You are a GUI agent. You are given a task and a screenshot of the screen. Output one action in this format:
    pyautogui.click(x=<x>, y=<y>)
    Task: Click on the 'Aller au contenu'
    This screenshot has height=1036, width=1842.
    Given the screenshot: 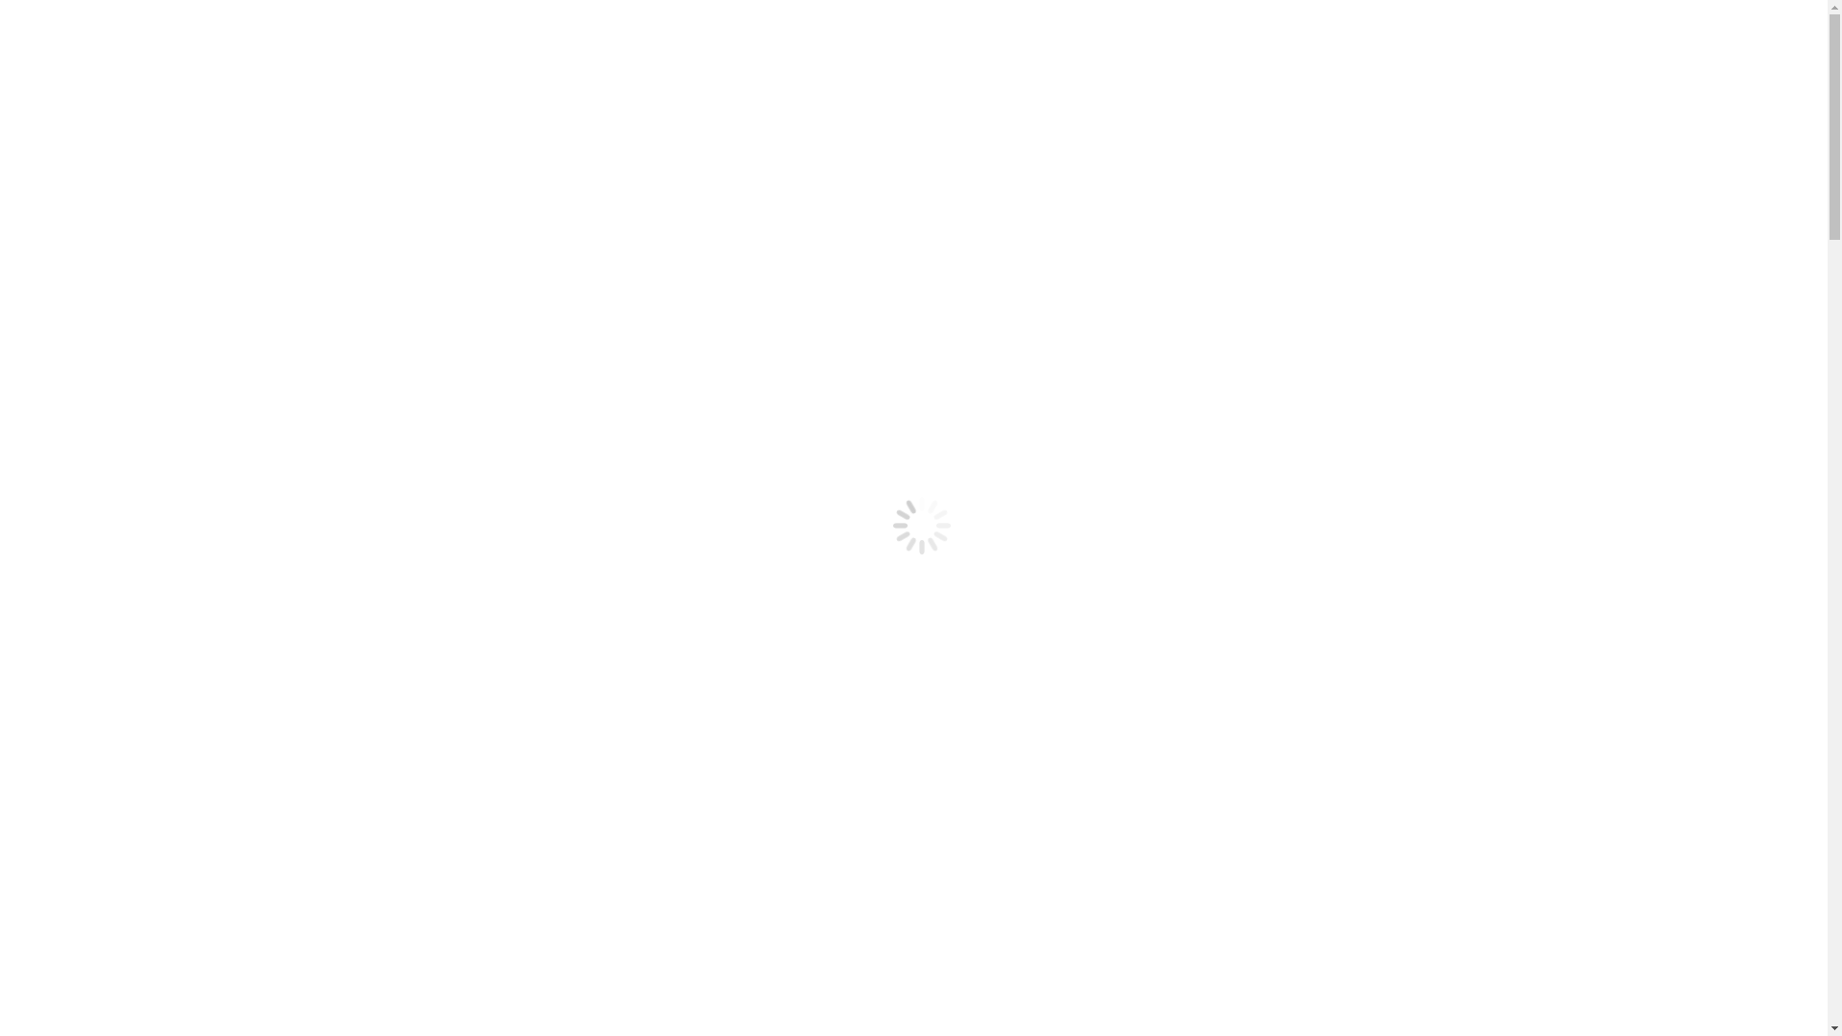 What is the action you would take?
    pyautogui.click(x=59, y=15)
    